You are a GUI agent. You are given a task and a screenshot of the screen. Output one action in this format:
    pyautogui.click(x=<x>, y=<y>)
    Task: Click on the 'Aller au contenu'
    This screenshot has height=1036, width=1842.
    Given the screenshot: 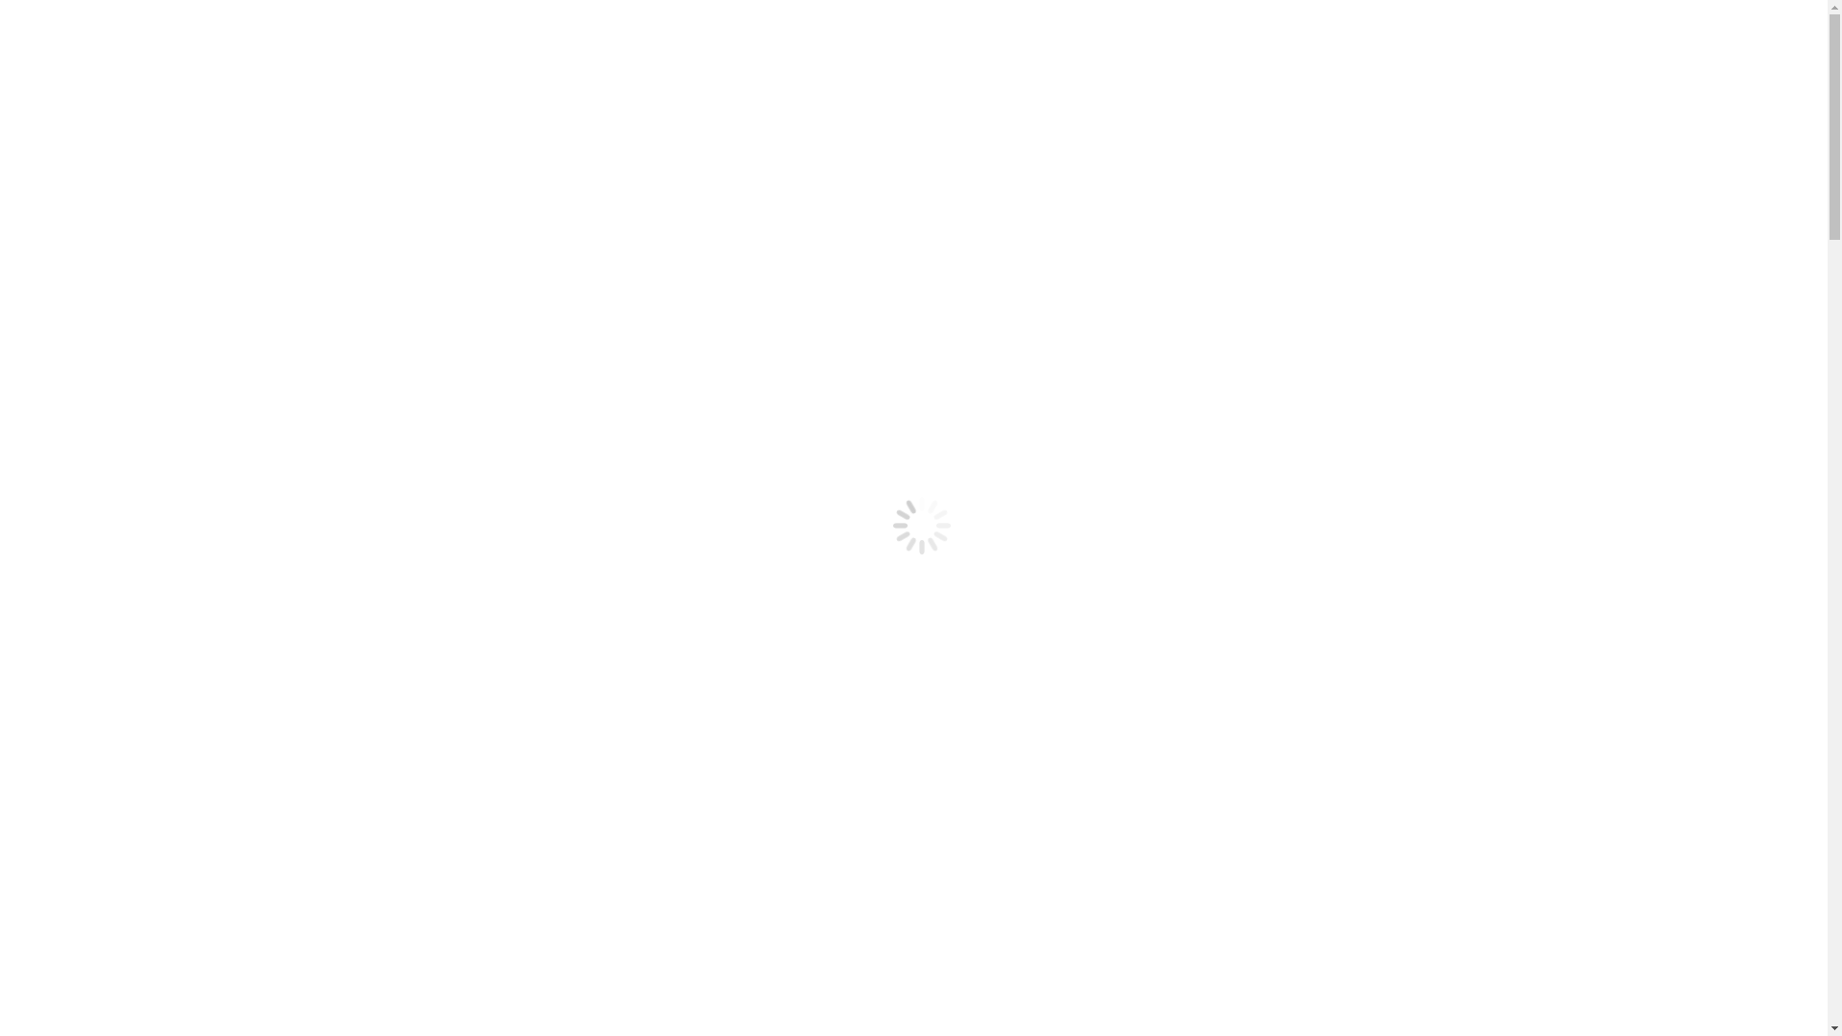 What is the action you would take?
    pyautogui.click(x=59, y=15)
    